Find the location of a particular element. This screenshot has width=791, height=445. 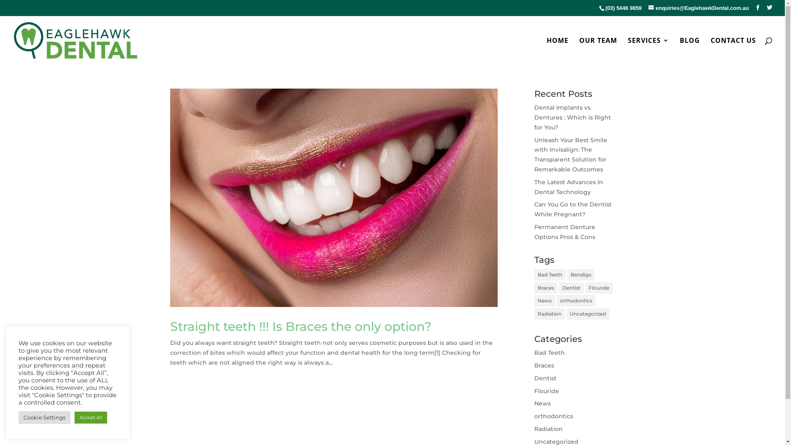

'The Latest Advances In Dental Technology' is located at coordinates (534, 187).